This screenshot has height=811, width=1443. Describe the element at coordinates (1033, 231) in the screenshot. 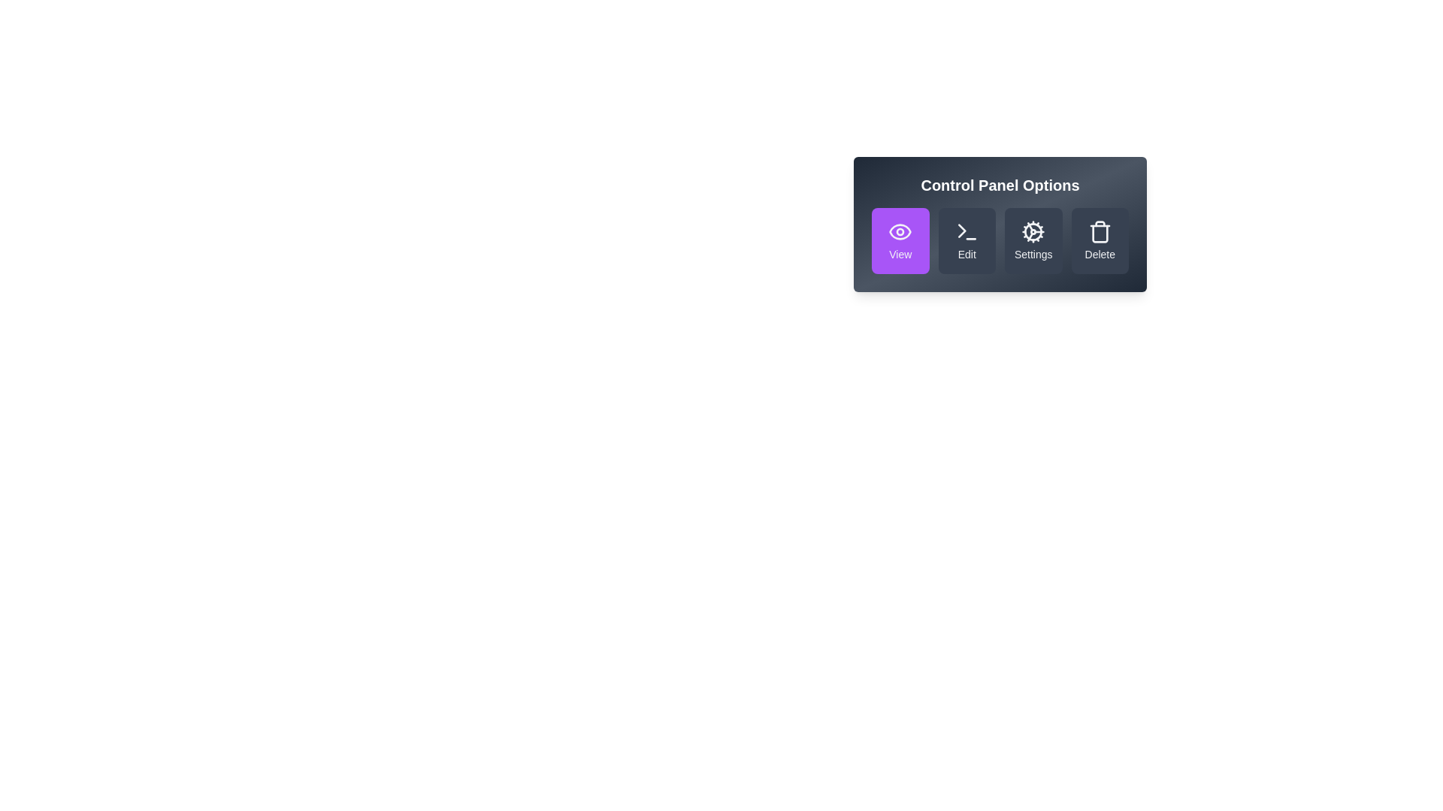

I see `the cogwheel icon in the settings panel` at that location.